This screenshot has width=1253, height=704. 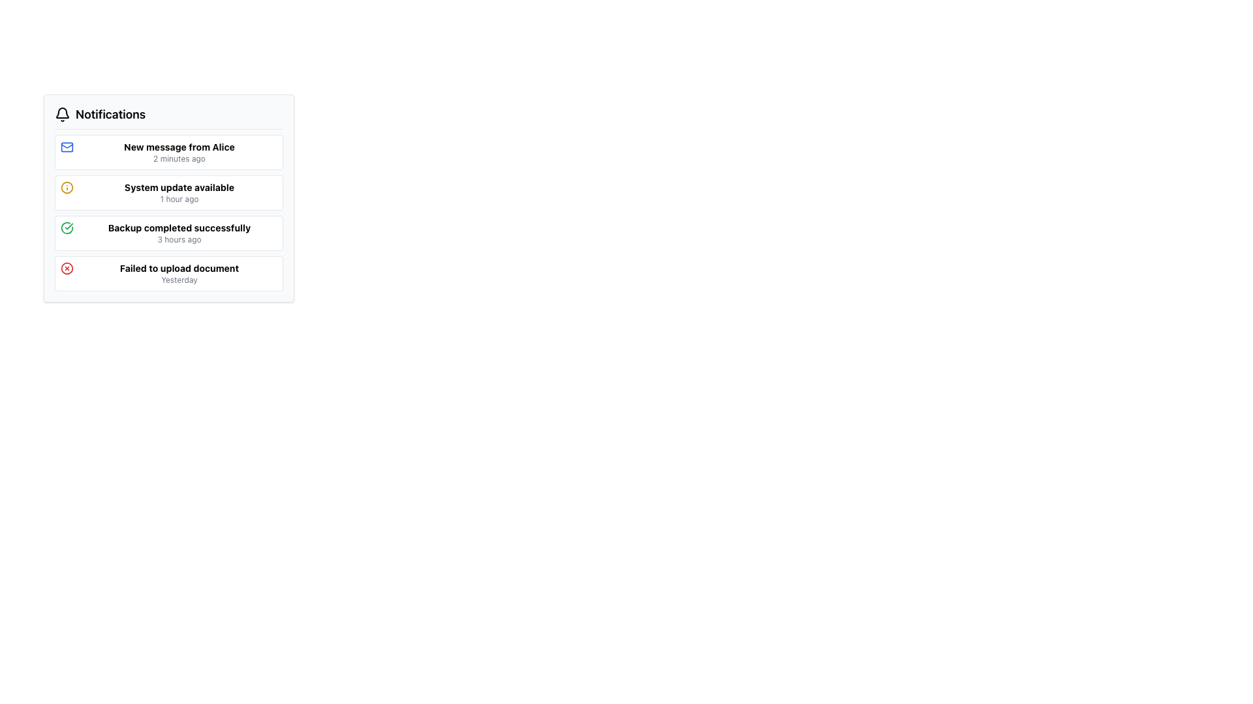 I want to click on text from the third Text Block in the notification panel that indicates a successful backup operation and the time it occurred, so click(x=178, y=233).